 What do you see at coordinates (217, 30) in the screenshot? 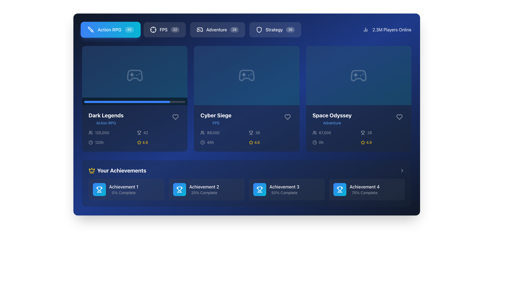
I see `the 'Adventure' games filter button, which is the third button from the left` at bounding box center [217, 30].